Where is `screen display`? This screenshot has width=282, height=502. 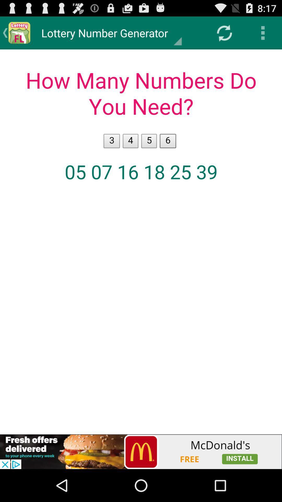
screen display is located at coordinates (141, 242).